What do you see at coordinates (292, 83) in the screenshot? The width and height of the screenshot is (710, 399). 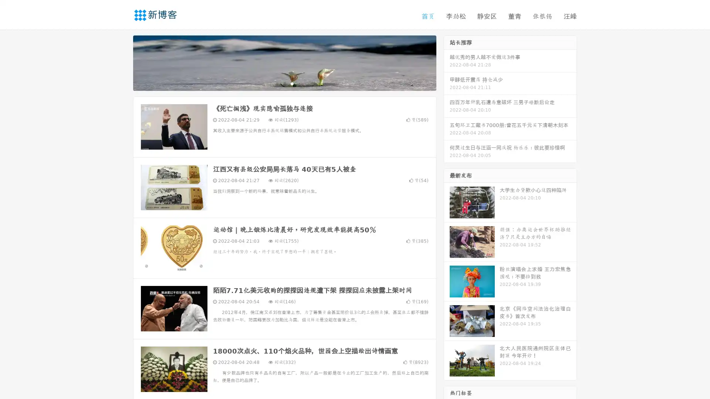 I see `Go to slide 3` at bounding box center [292, 83].